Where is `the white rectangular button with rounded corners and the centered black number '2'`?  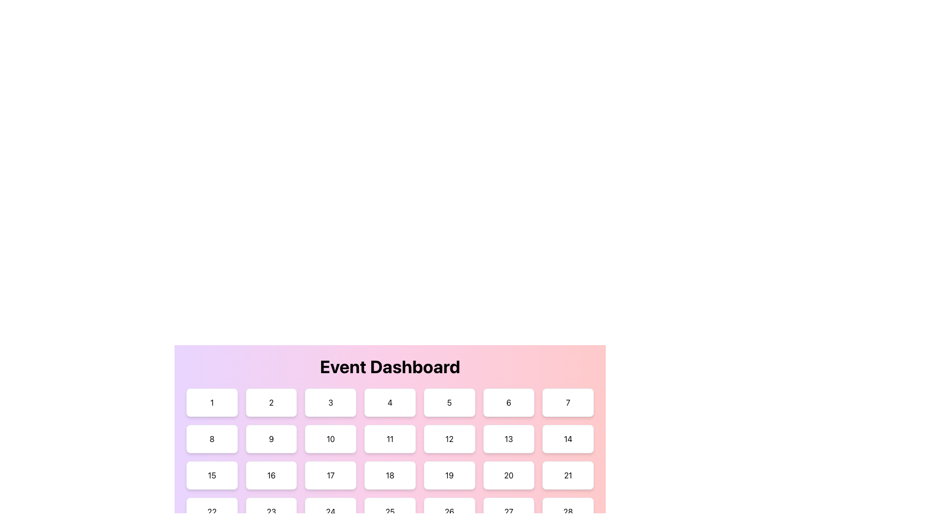 the white rectangular button with rounded corners and the centered black number '2' is located at coordinates (271, 402).